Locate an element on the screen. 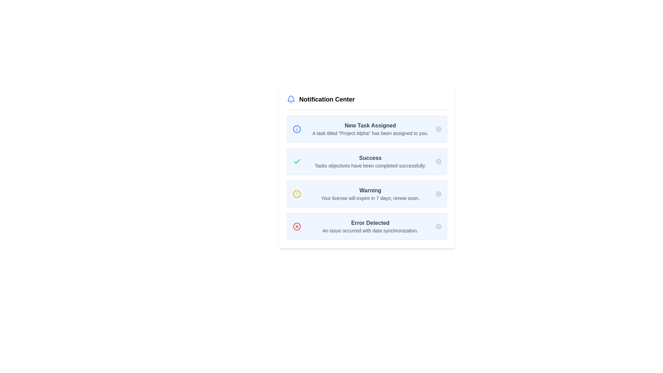 The width and height of the screenshot is (663, 373). the close button in the top-right corner of the 'Success' notification block is located at coordinates (438, 161).